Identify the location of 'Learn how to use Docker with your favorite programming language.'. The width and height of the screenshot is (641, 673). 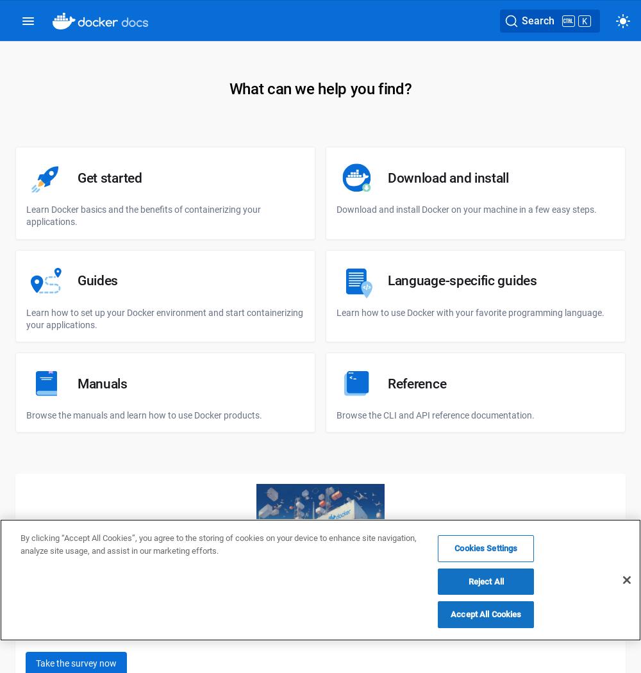
(470, 312).